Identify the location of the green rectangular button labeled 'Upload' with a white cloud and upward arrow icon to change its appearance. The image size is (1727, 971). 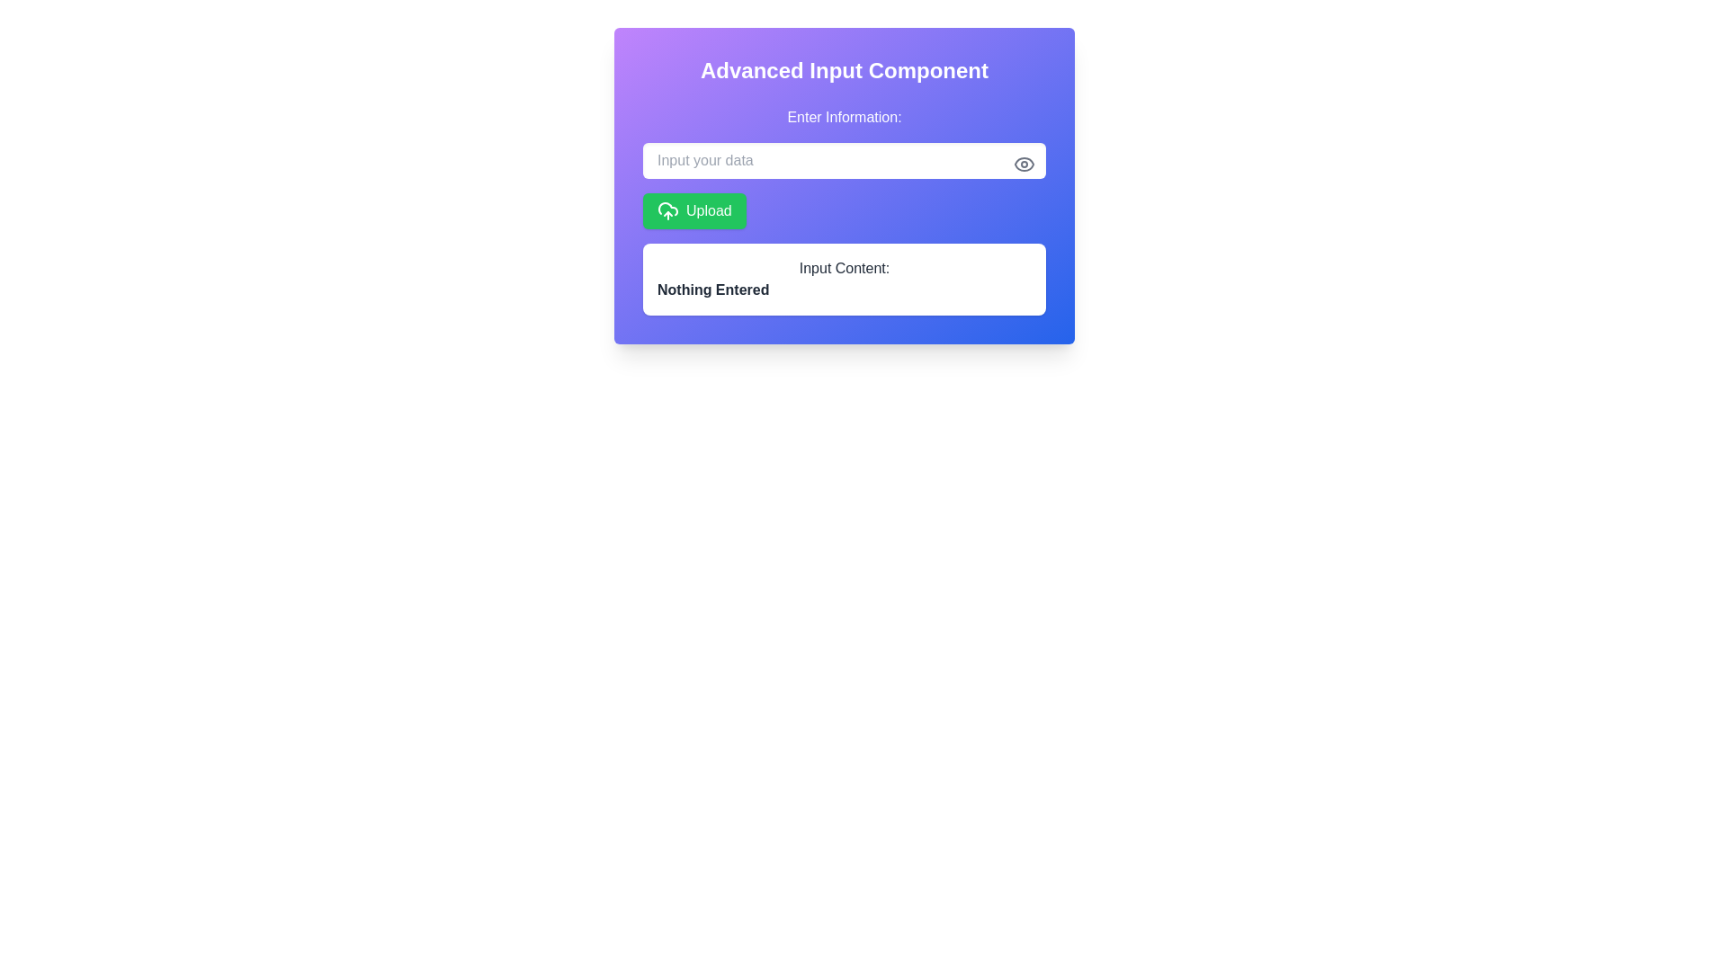
(693, 210).